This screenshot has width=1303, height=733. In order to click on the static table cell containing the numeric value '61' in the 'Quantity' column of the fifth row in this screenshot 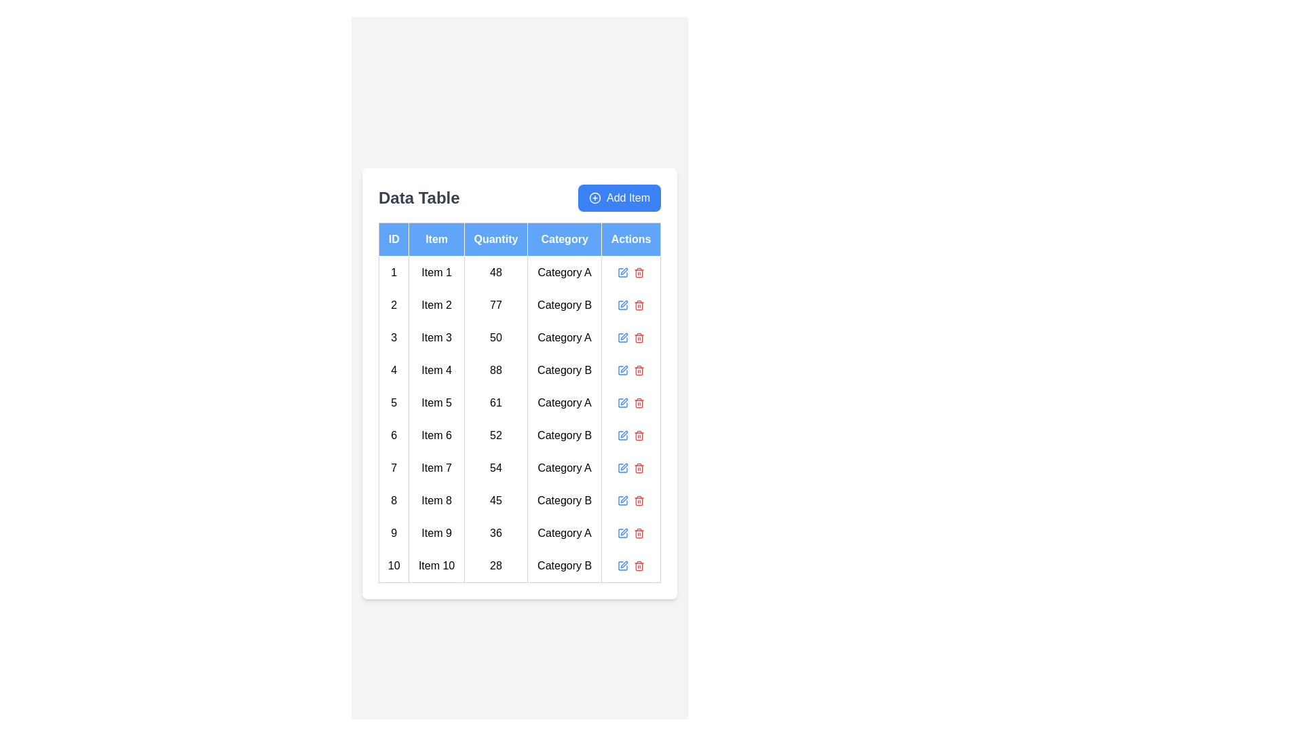, I will do `click(495, 402)`.